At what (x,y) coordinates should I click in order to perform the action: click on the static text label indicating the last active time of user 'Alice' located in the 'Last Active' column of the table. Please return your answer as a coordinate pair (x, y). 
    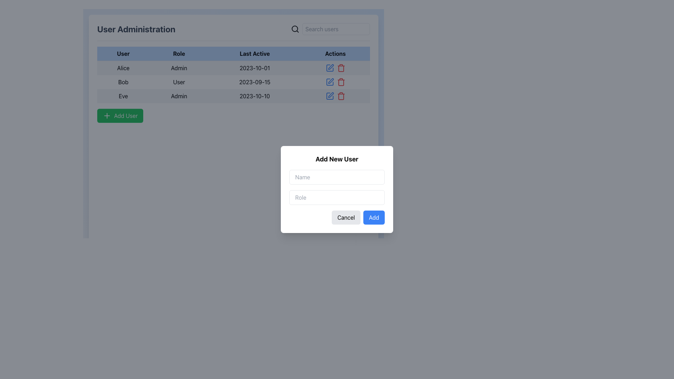
    Looking at the image, I should click on (254, 68).